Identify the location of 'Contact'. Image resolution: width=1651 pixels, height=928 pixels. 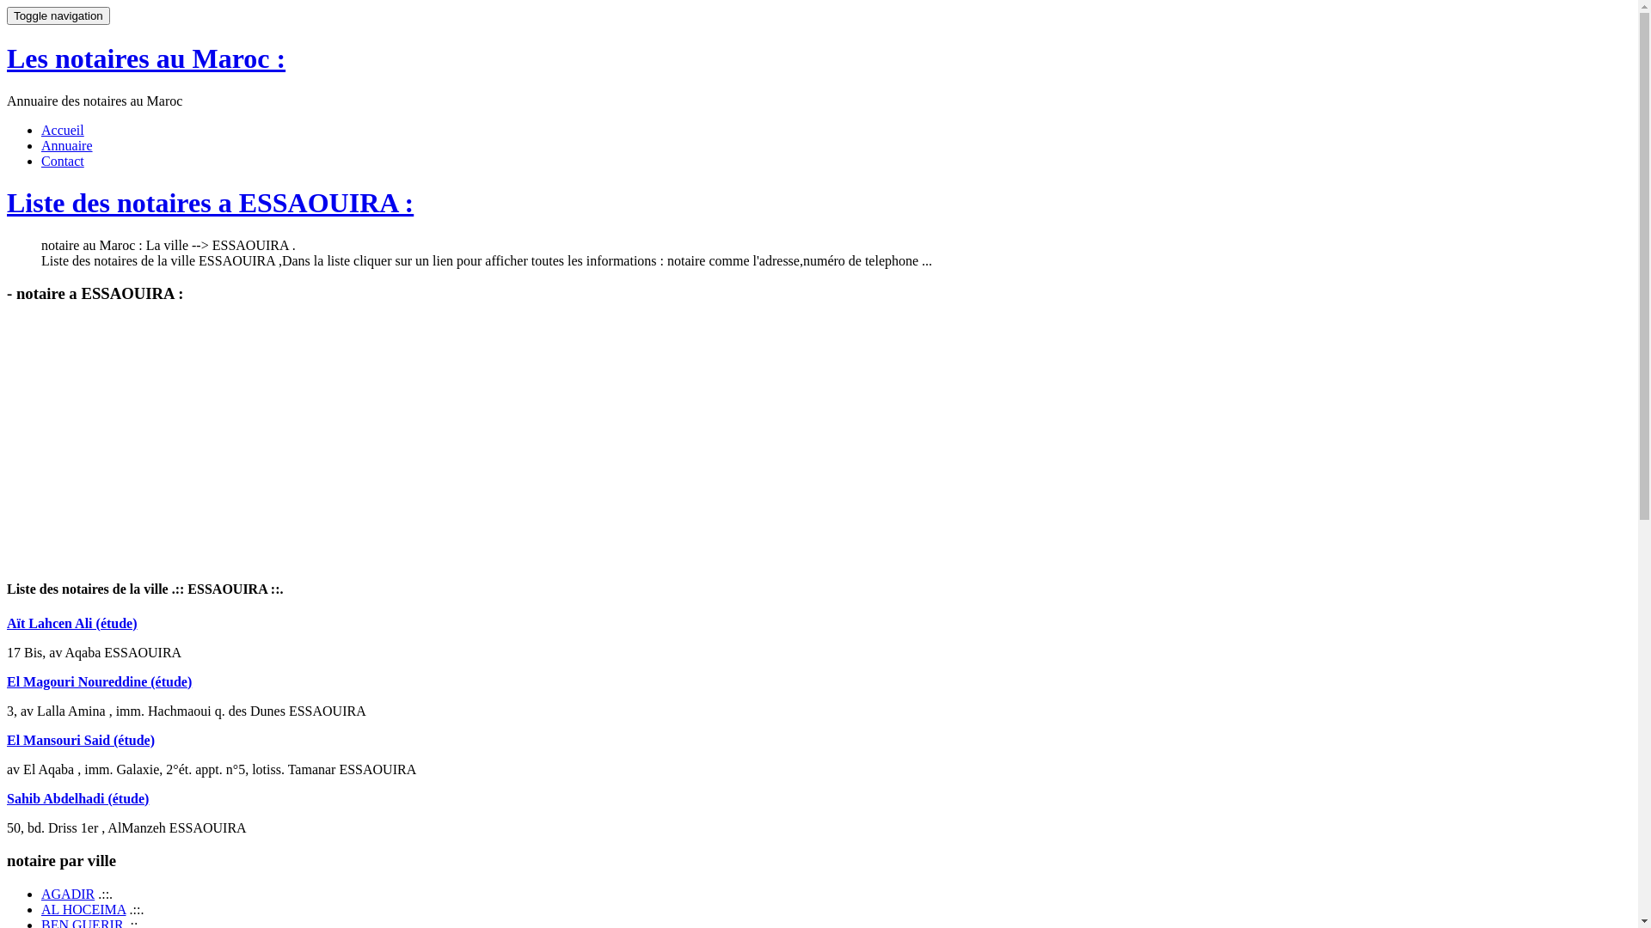
(62, 161).